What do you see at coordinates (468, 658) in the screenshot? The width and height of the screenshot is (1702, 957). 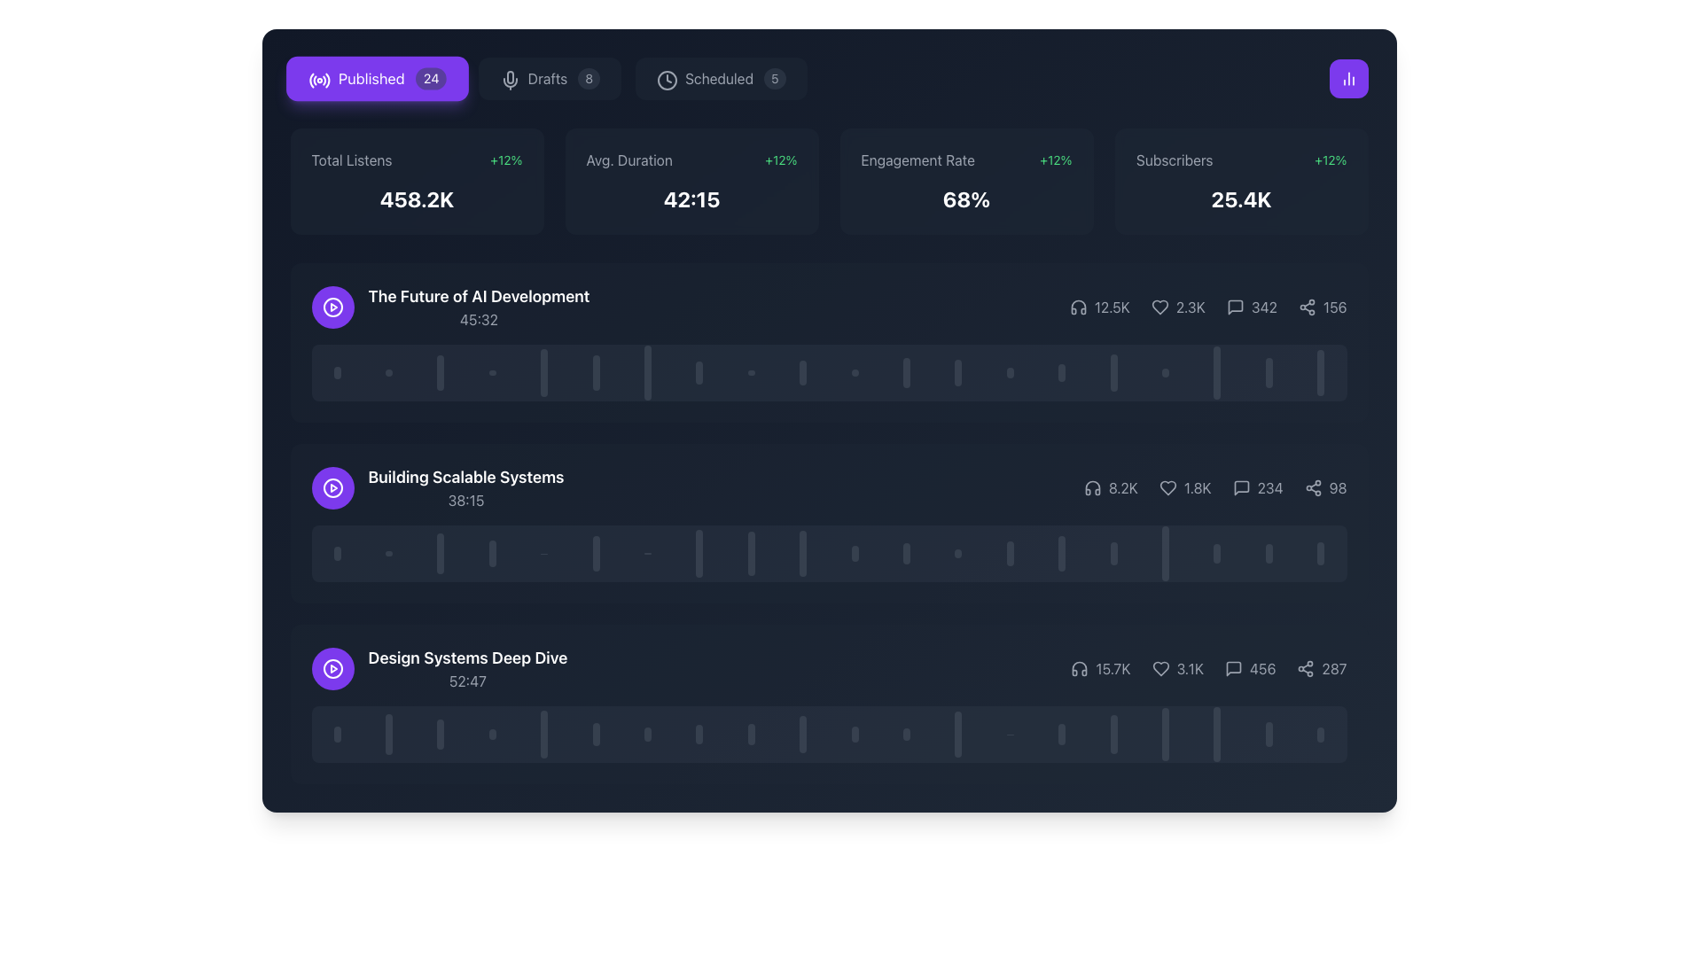 I see `the label displaying 'Design Systems Deep Dive' which is styled in bold white font and positioned above the duration text '52:47'` at bounding box center [468, 658].